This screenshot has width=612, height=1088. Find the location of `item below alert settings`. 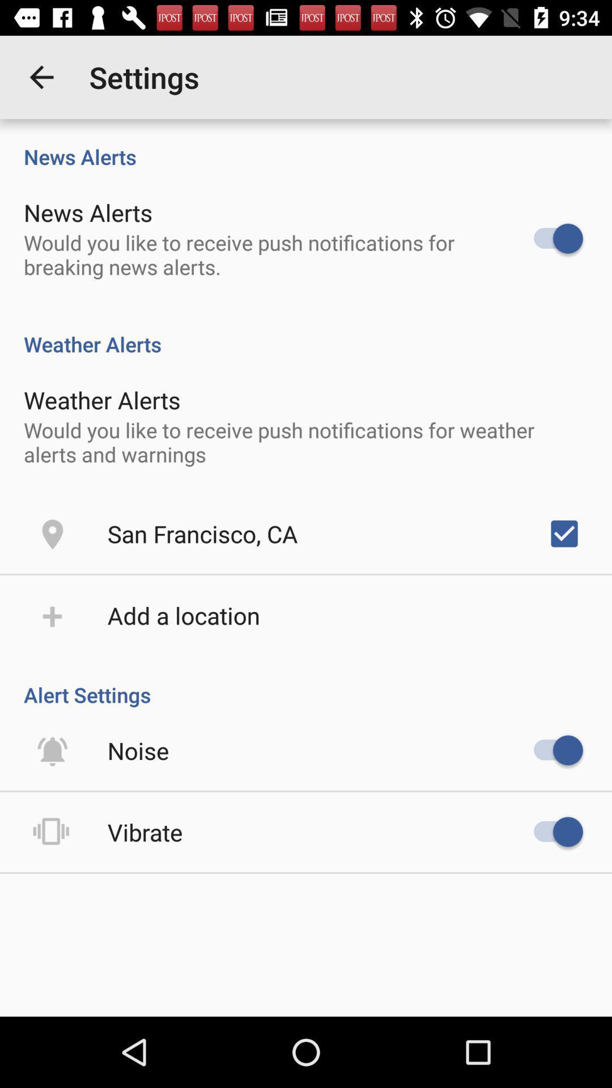

item below alert settings is located at coordinates (138, 750).